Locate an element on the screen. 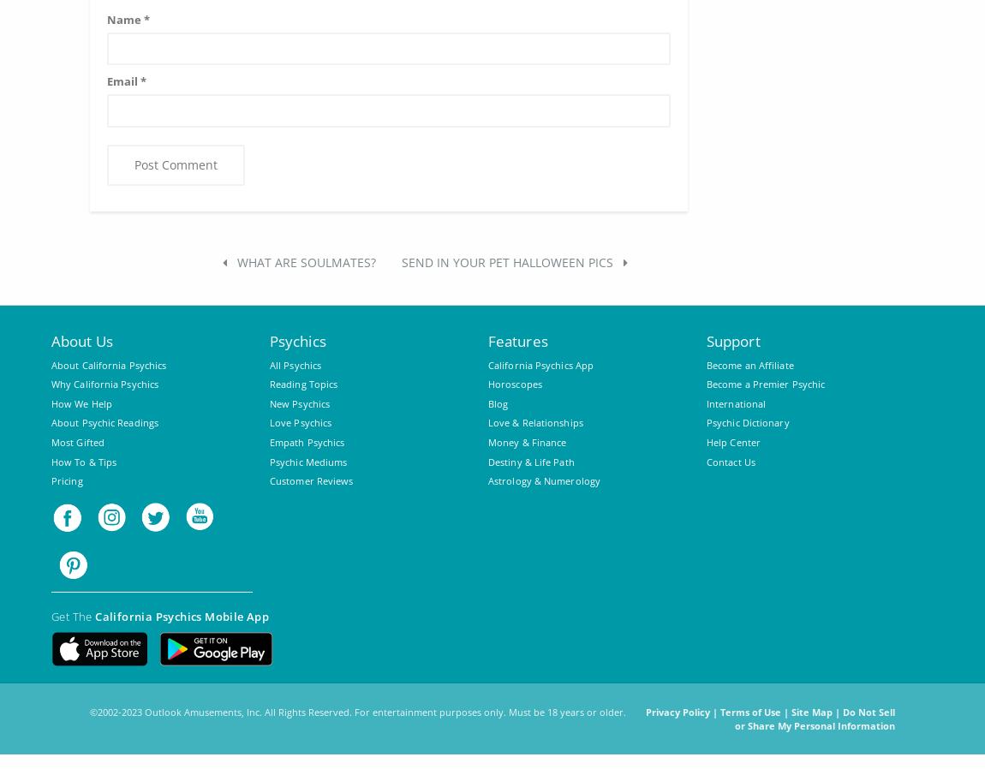  'Features' is located at coordinates (516, 340).